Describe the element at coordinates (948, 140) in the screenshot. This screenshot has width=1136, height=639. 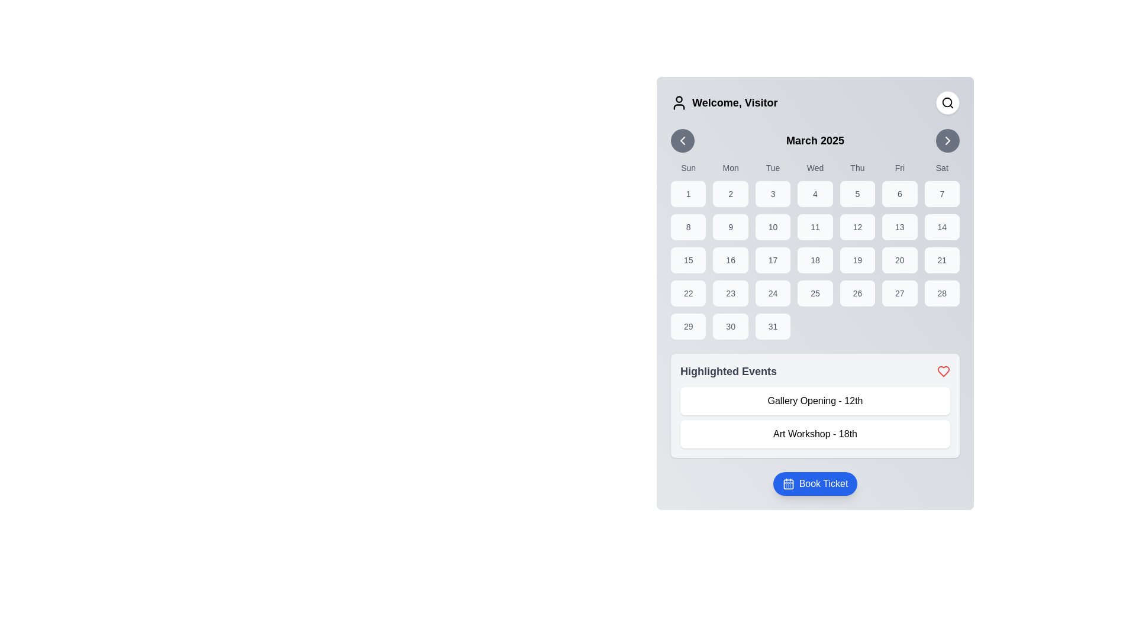
I see `the circular button with a gray background and a white chevron icon pointing to the right` at that location.